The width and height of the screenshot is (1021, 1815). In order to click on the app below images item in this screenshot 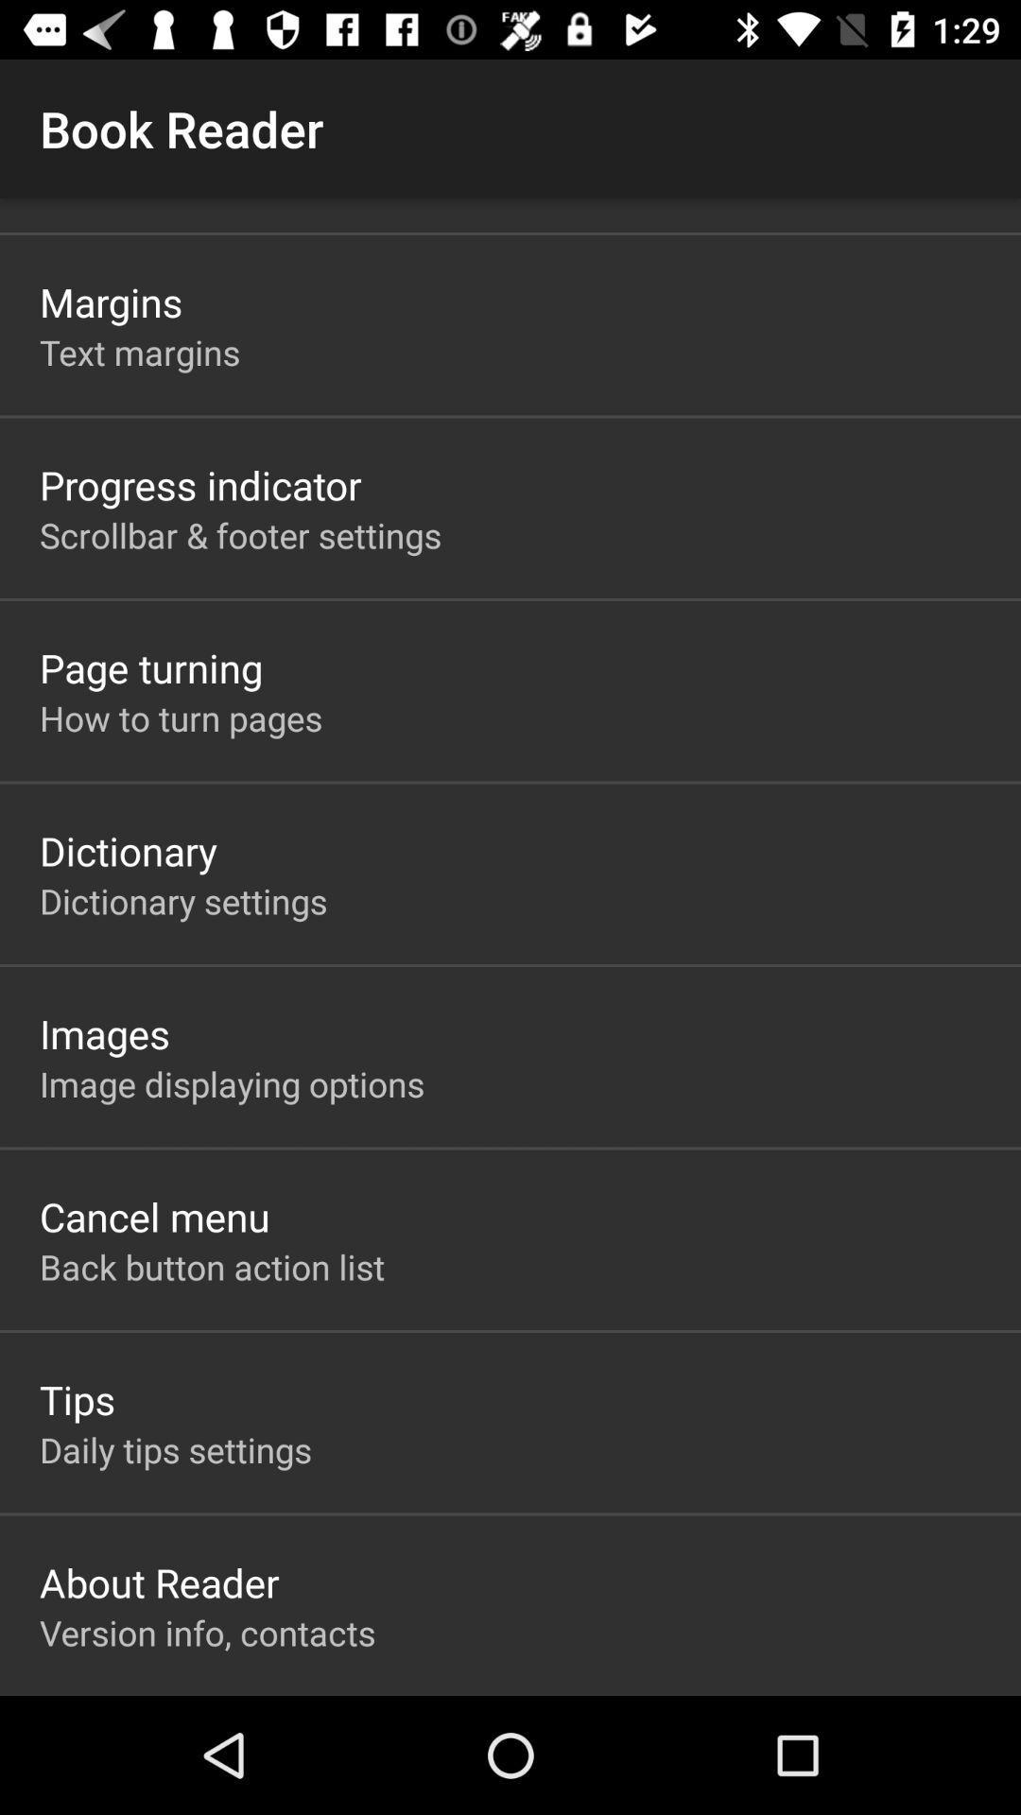, I will do `click(231, 1083)`.